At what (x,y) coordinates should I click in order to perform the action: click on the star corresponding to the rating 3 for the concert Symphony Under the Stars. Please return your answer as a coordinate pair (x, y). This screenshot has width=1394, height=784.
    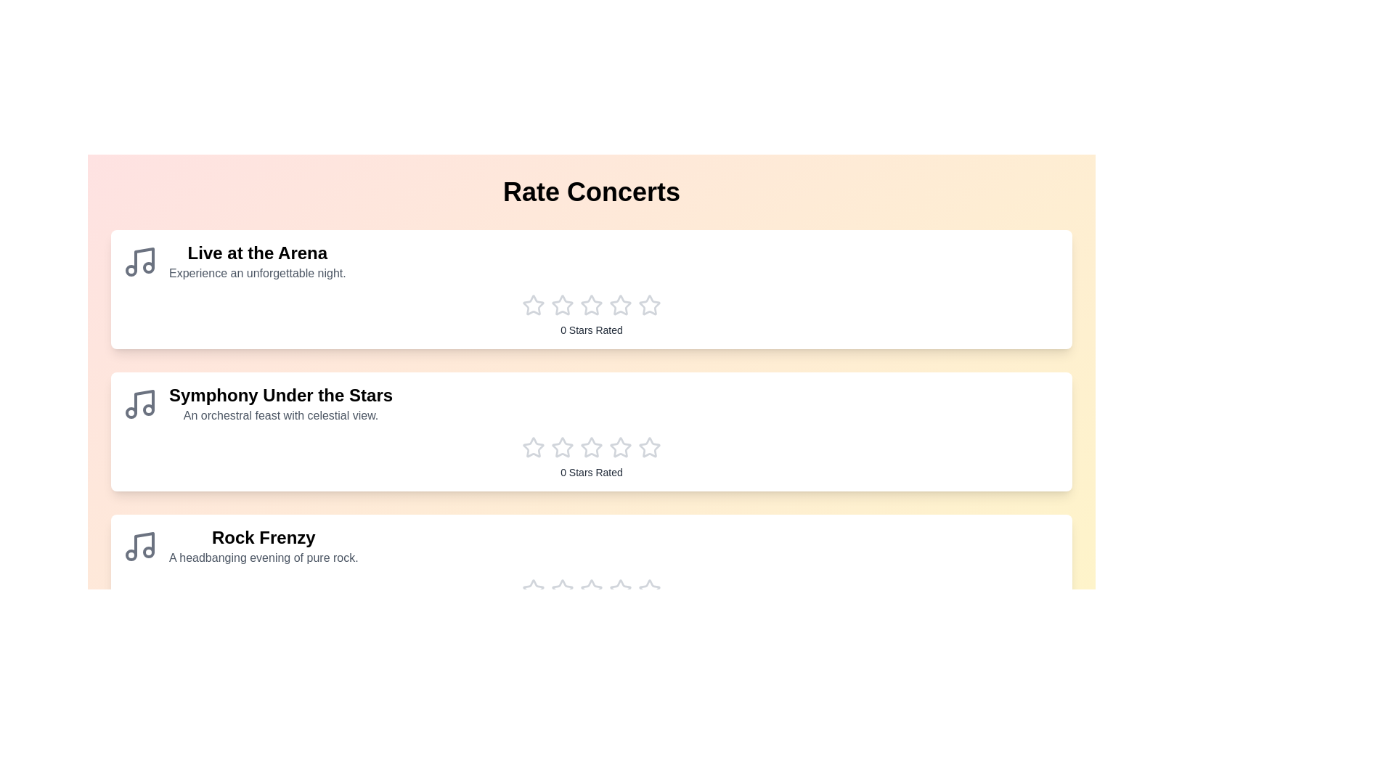
    Looking at the image, I should click on (592, 447).